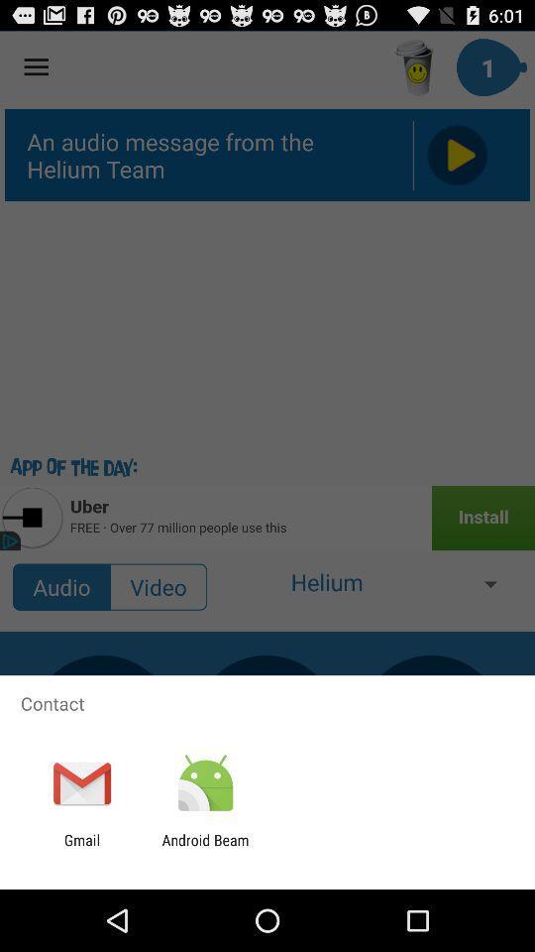 The height and width of the screenshot is (952, 535). What do you see at coordinates (81, 848) in the screenshot?
I see `the gmail item` at bounding box center [81, 848].